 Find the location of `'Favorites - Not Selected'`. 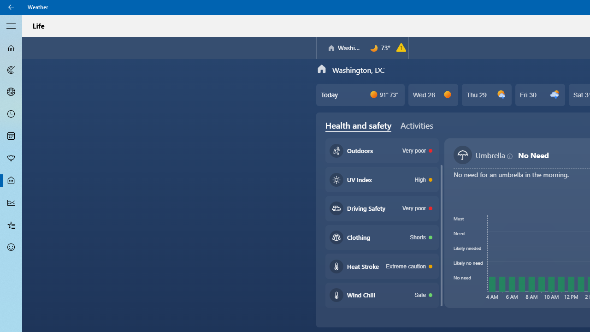

'Favorites - Not Selected' is located at coordinates (11, 225).